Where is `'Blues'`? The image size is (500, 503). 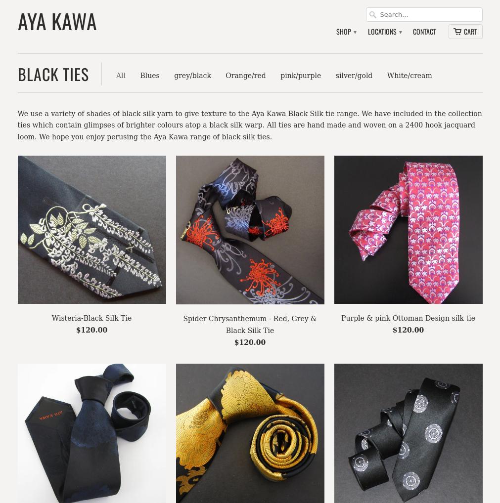
'Blues' is located at coordinates (139, 74).